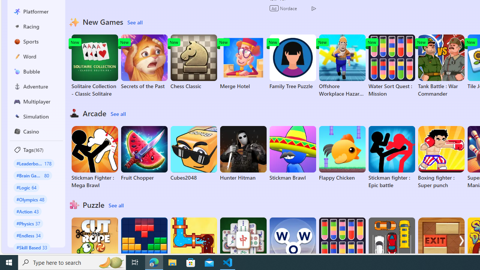 Image resolution: width=480 pixels, height=270 pixels. What do you see at coordinates (30, 199) in the screenshot?
I see `'#Olympics 48'` at bounding box center [30, 199].